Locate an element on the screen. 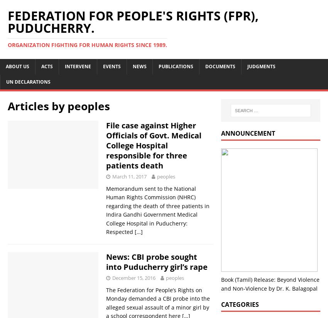  'Federation for People's Rights (FPR), Puducherry.' is located at coordinates (133, 22).